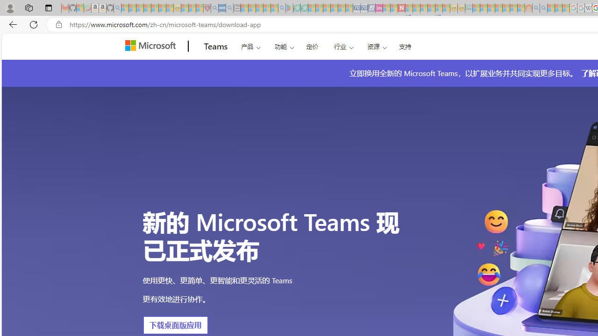 This screenshot has height=336, width=598. I want to click on 'Pets - MSN - Sleeping', so click(266, 8).